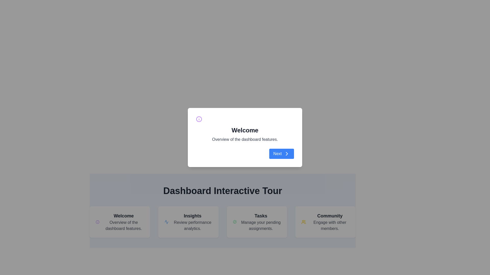 The image size is (490, 275). Describe the element at coordinates (223, 191) in the screenshot. I see `the main heading element that introduces the content above the panels labeled 'Welcome', 'Insights', 'Tasks', and 'Community'` at that location.